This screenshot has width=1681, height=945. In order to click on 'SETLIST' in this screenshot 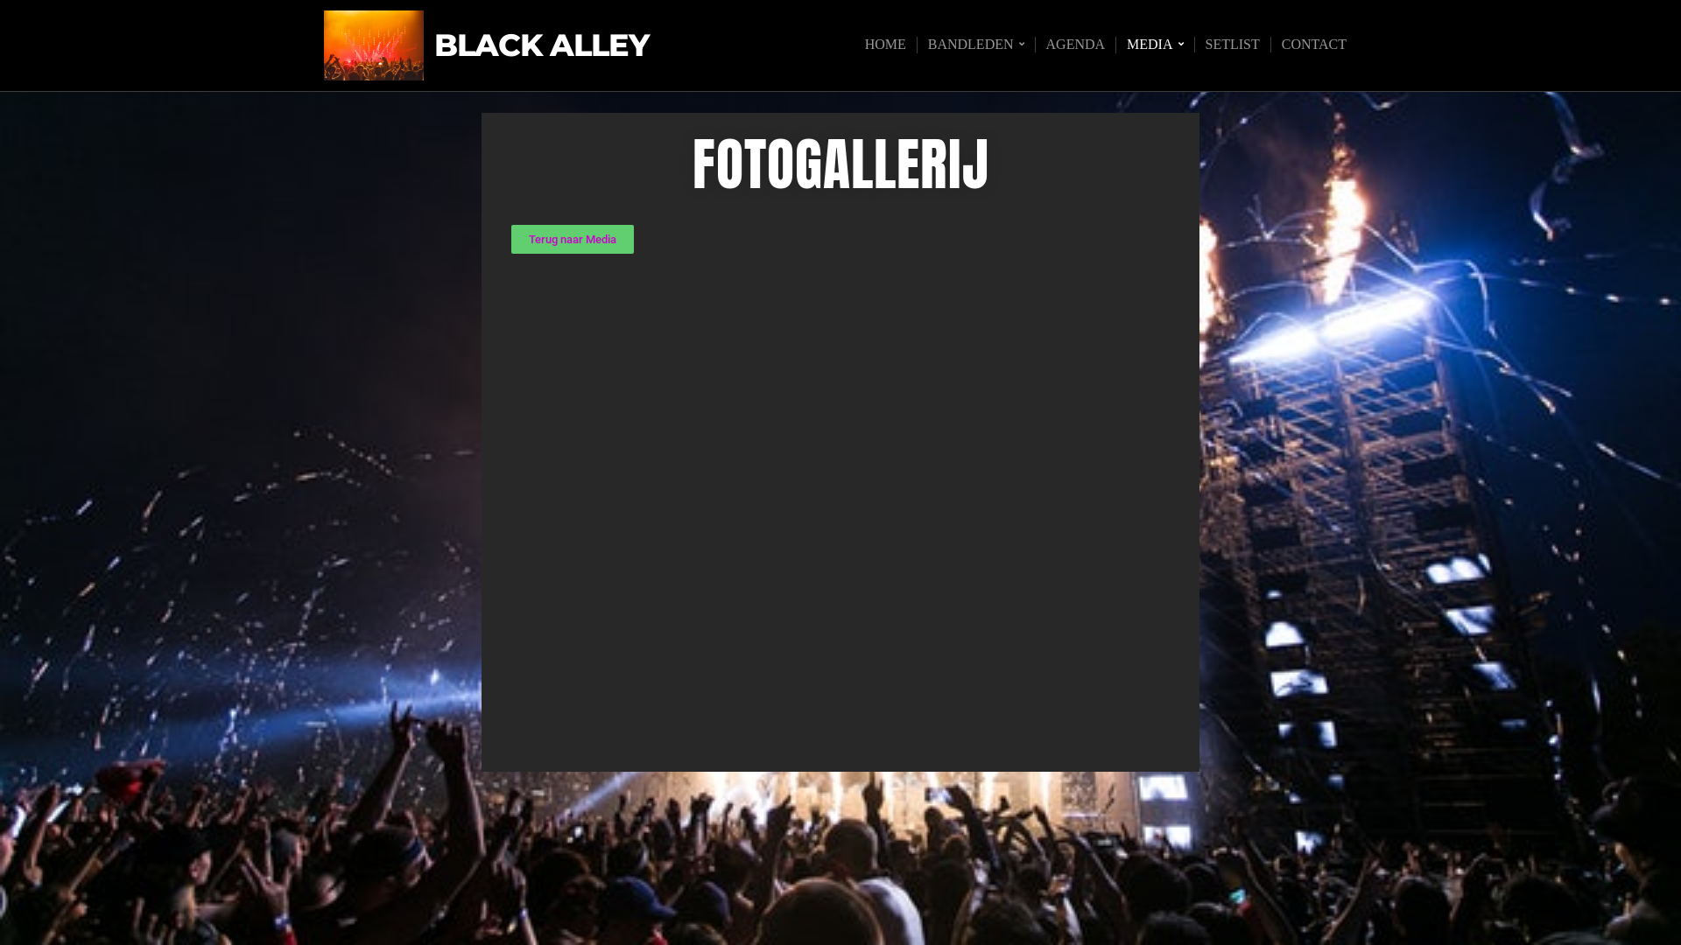, I will do `click(1231, 43)`.